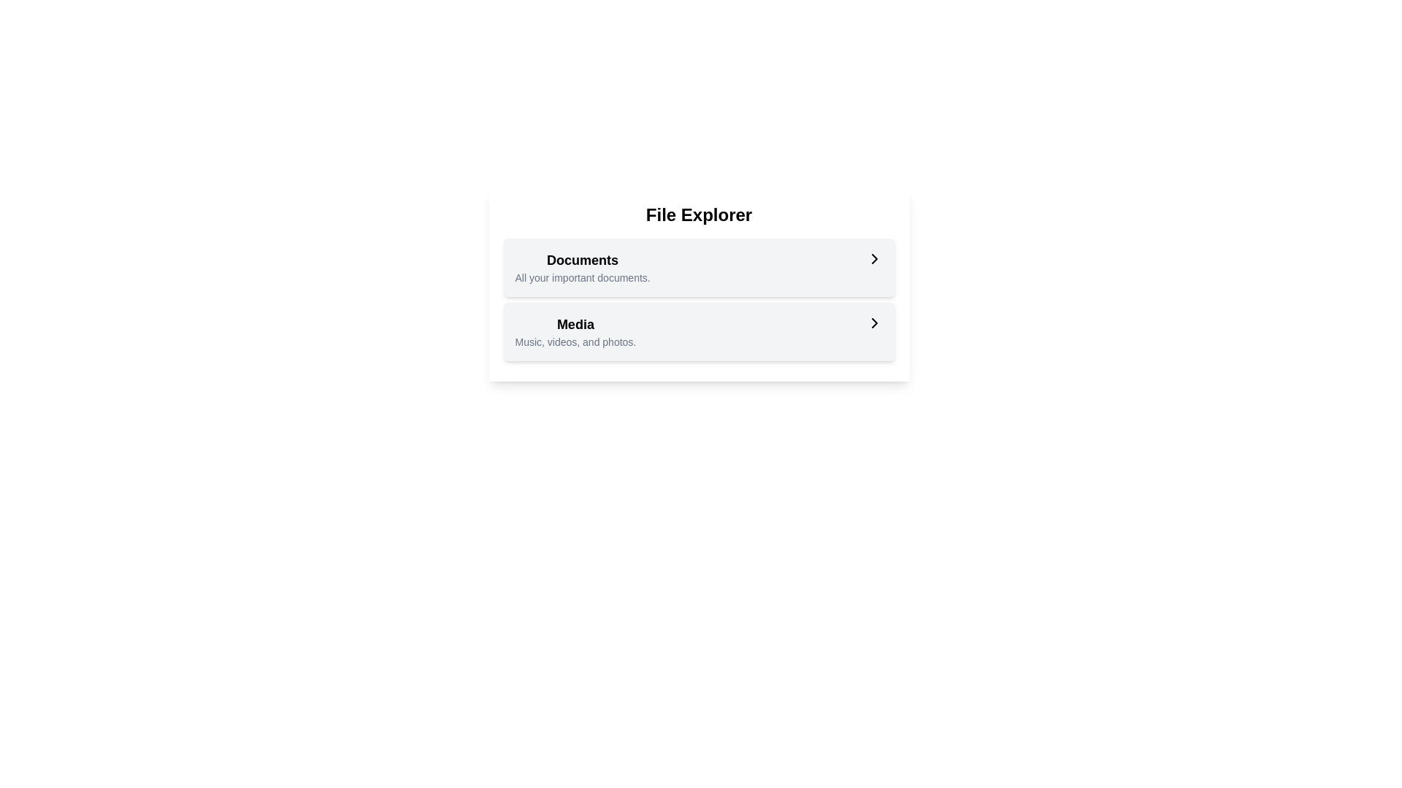  Describe the element at coordinates (582, 278) in the screenshot. I see `the static text element displaying 'All your important documents.' located beneath the 'Documents' label in the 'File Explorer' interface` at that location.